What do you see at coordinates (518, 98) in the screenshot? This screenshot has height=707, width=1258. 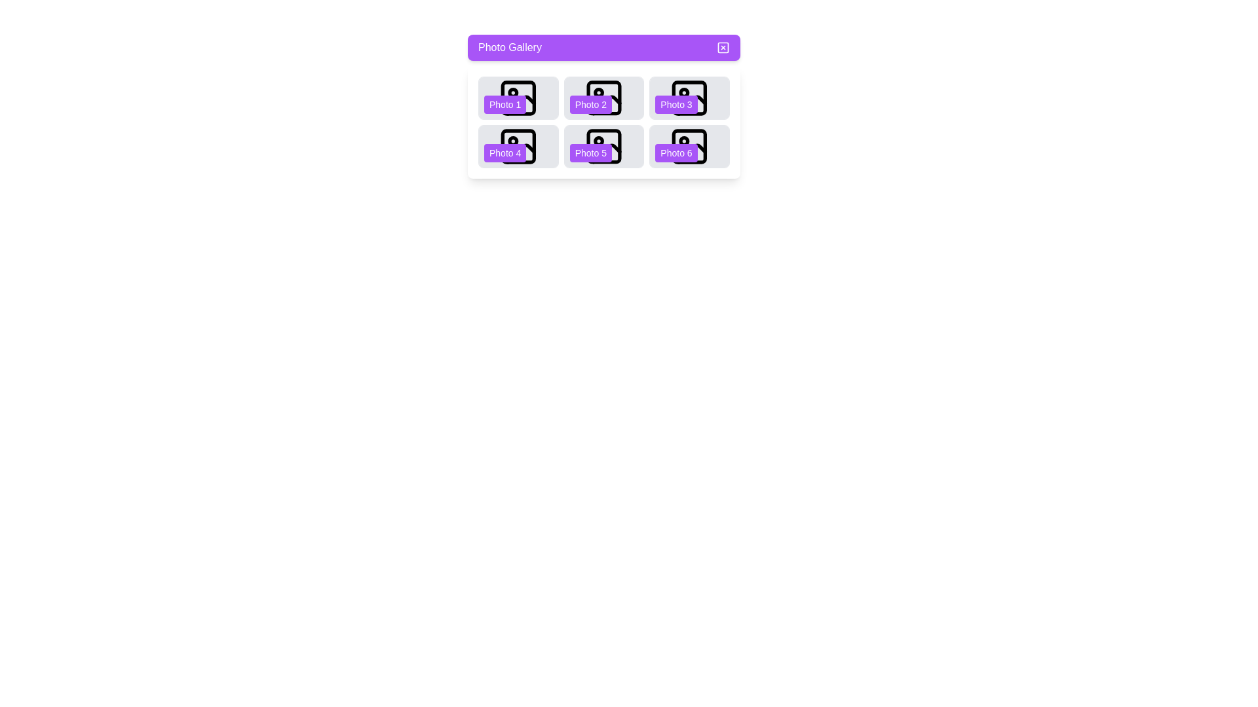 I see `the photo labeled with the number 1` at bounding box center [518, 98].